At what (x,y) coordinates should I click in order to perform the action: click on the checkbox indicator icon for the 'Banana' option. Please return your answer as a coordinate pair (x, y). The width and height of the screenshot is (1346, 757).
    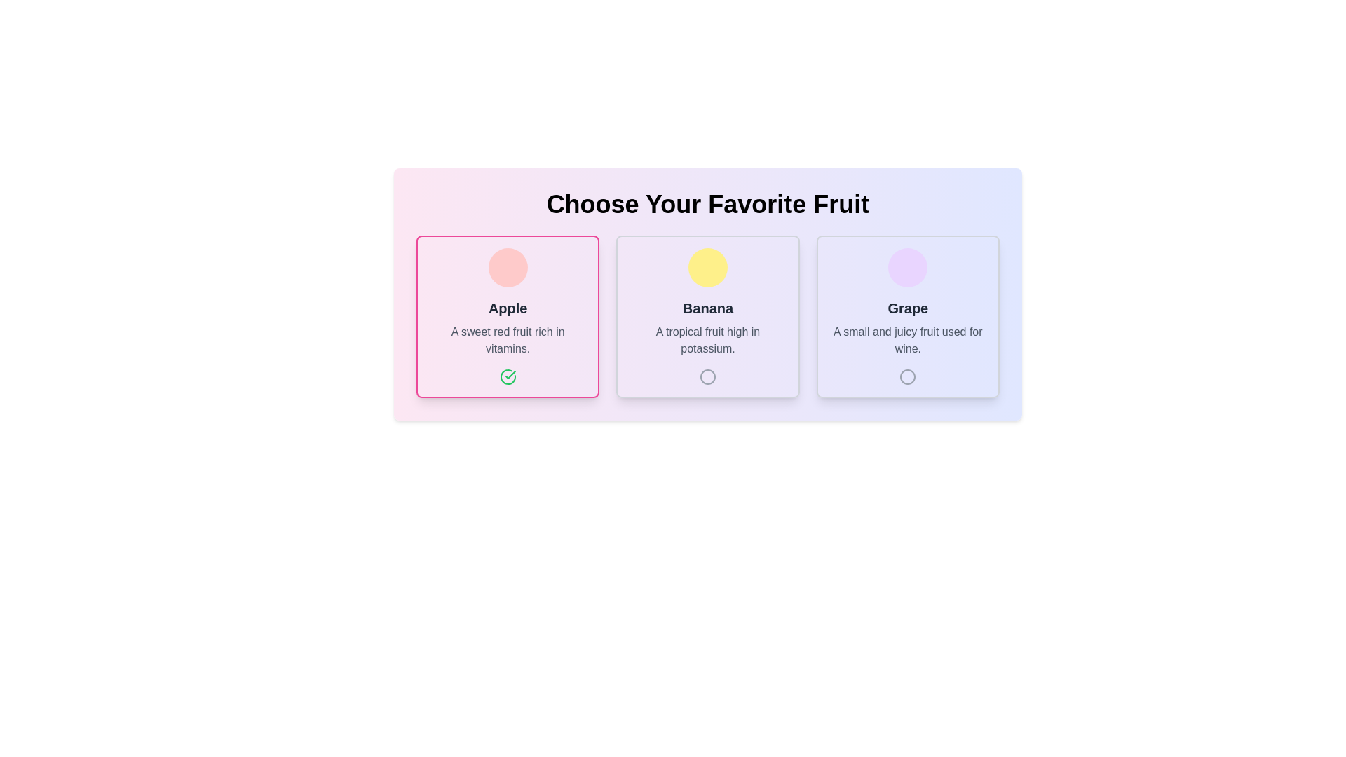
    Looking at the image, I should click on (707, 376).